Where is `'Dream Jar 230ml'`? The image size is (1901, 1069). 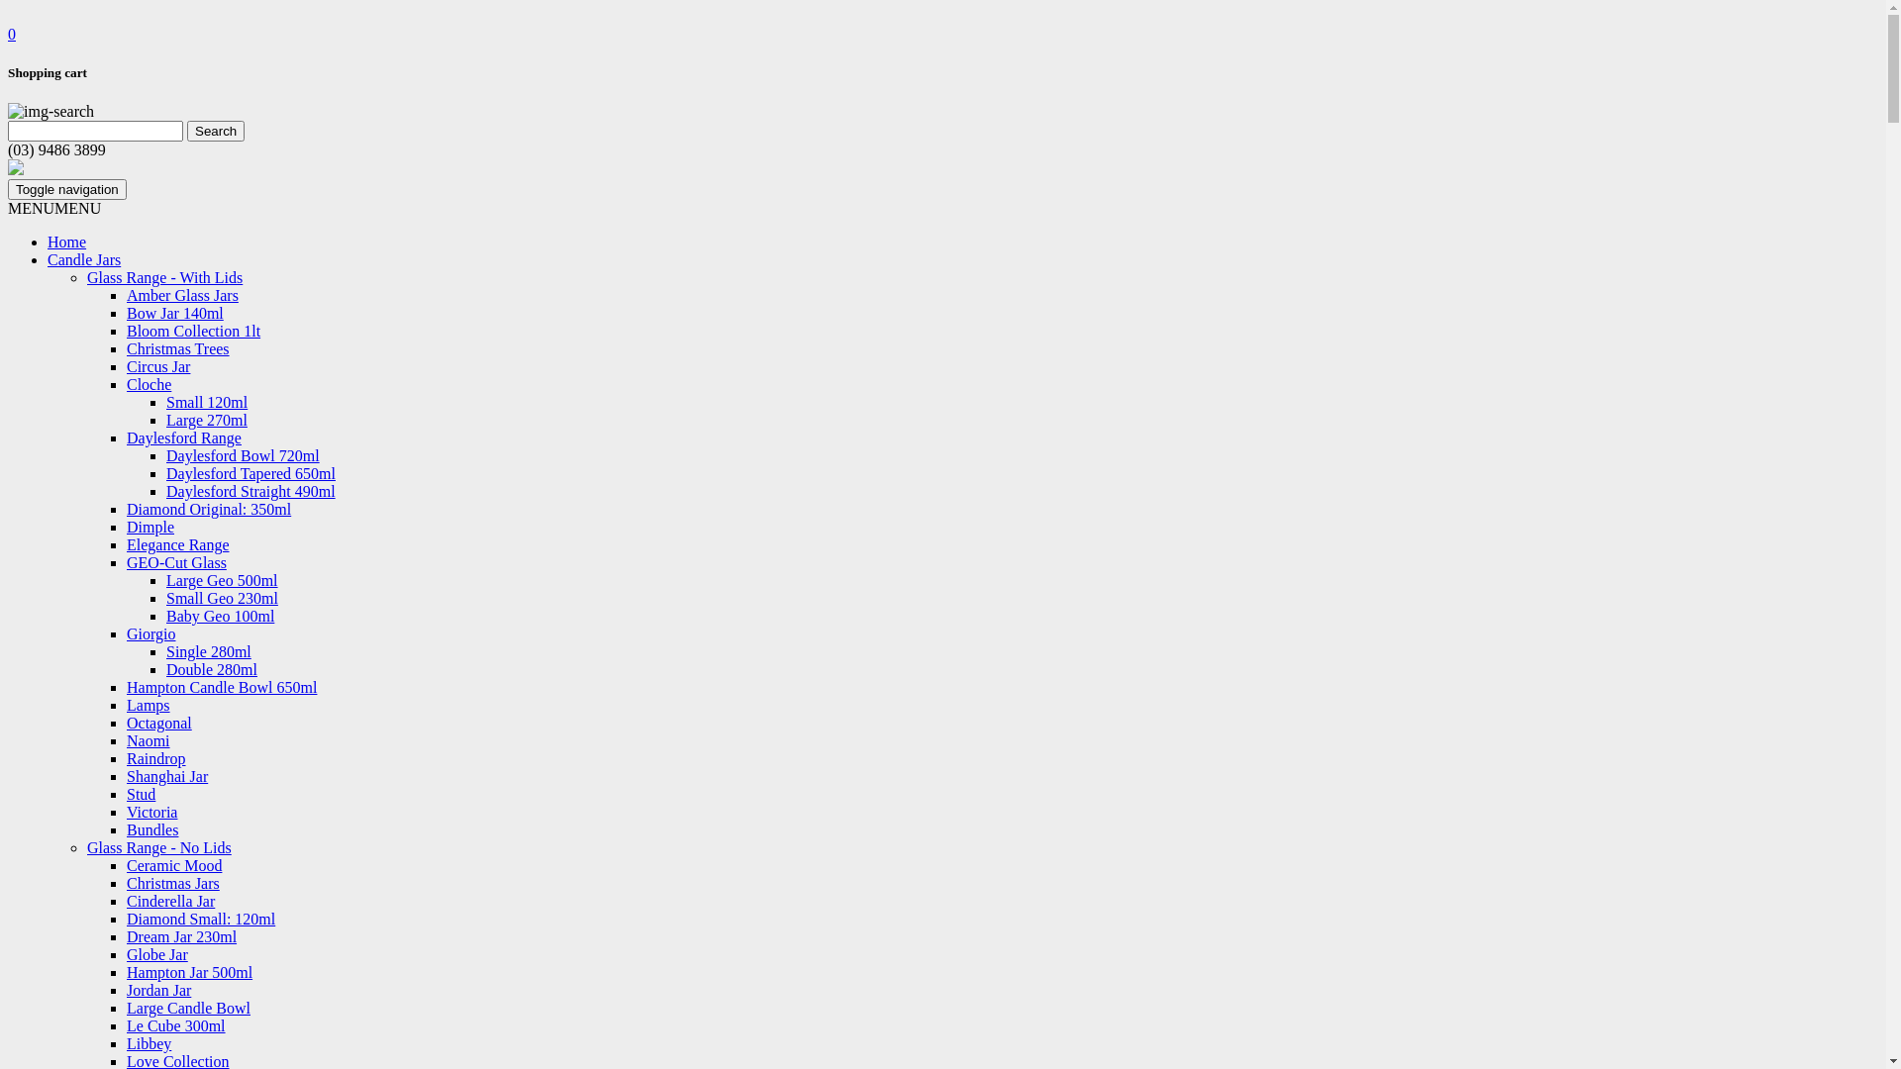
'Dream Jar 230ml' is located at coordinates (126, 935).